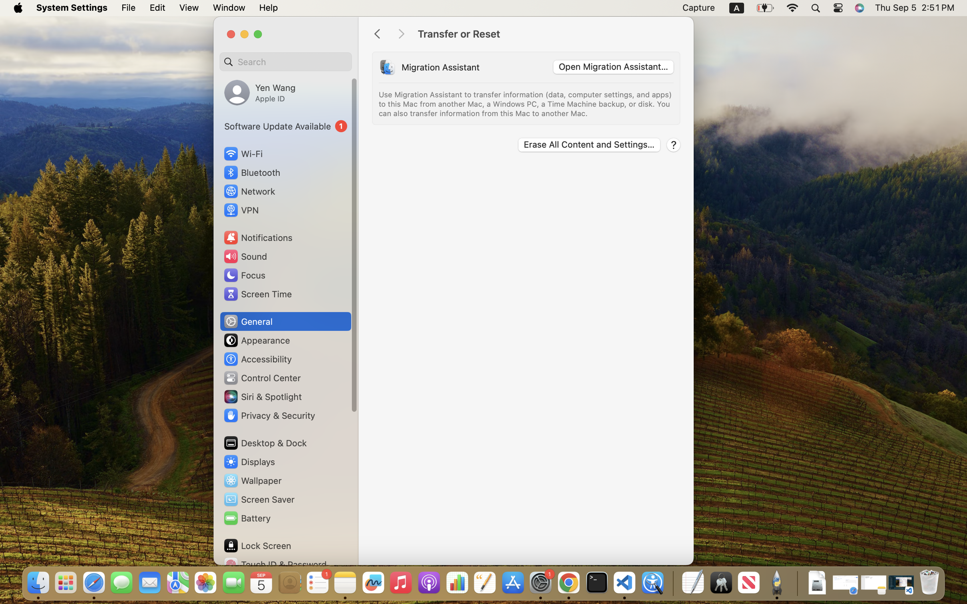  What do you see at coordinates (526, 104) in the screenshot?
I see `'Use Migration Assistant to transfer information (data, computer settings, and apps) to this Mac from another Mac, a Windows PC, a Time Machine backup, or disk. You can also transfer information from this Mac to another Mac.'` at bounding box center [526, 104].